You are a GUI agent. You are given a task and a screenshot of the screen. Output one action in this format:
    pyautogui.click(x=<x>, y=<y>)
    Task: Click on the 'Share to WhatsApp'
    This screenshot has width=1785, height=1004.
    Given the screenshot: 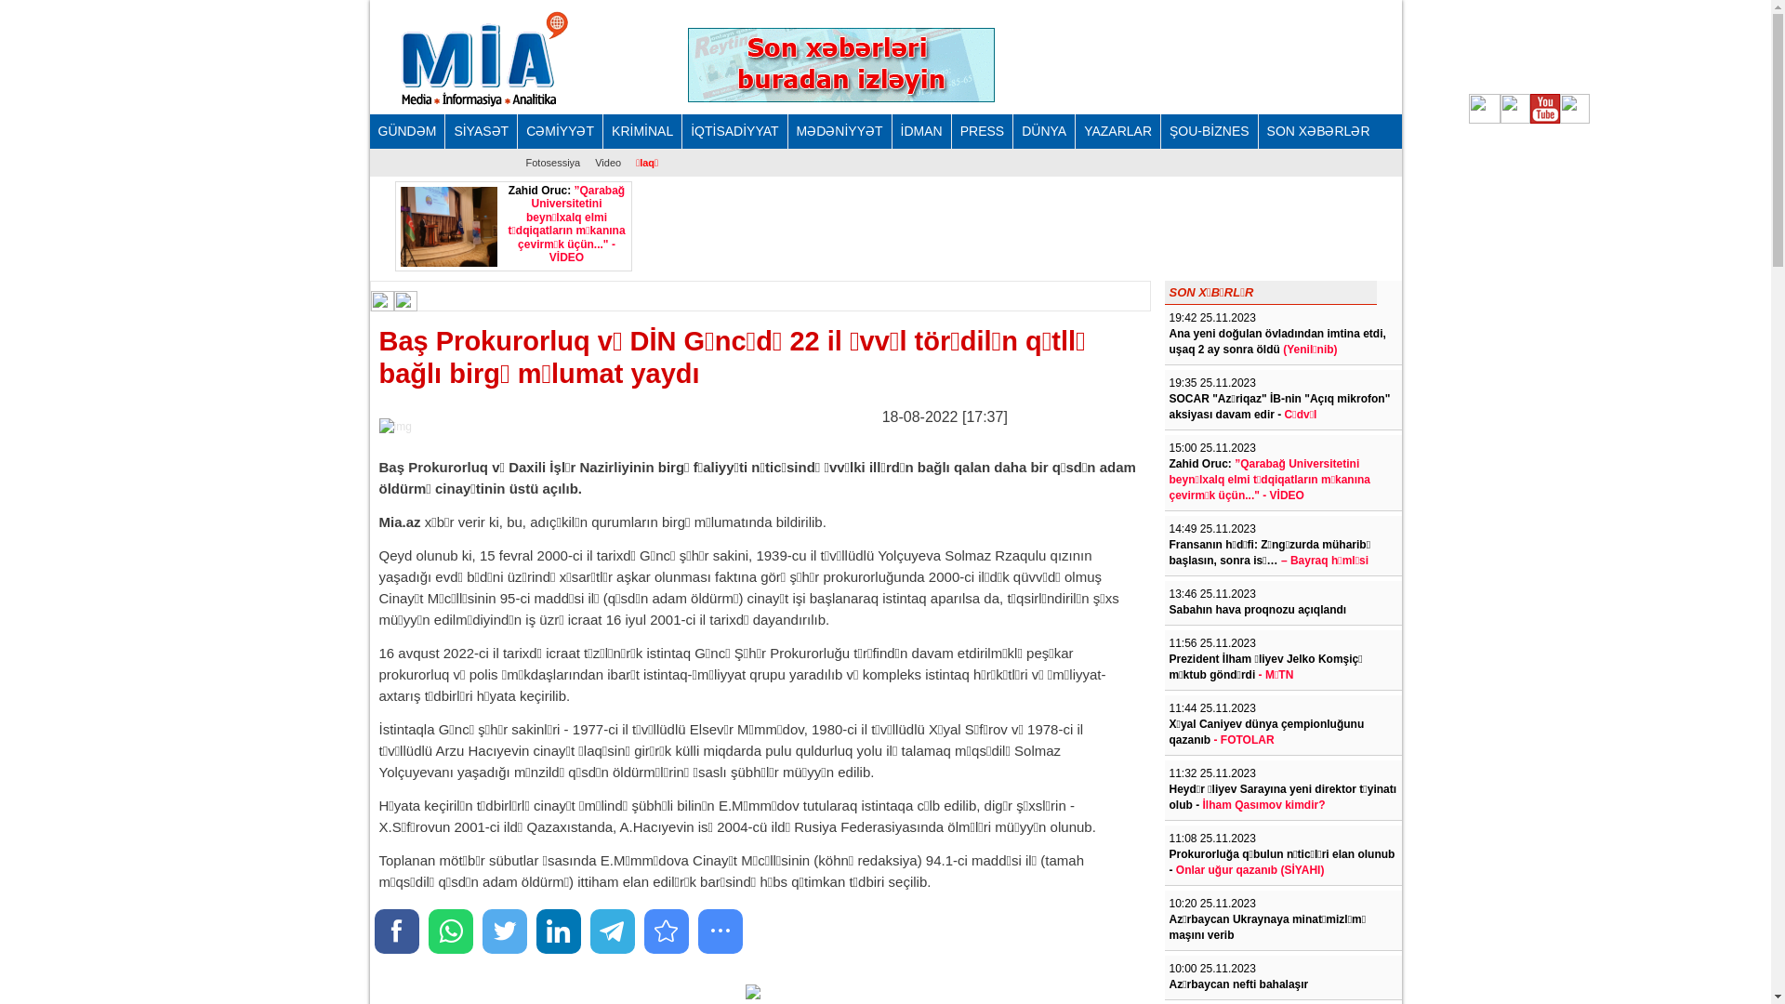 What is the action you would take?
    pyautogui.click(x=450, y=931)
    